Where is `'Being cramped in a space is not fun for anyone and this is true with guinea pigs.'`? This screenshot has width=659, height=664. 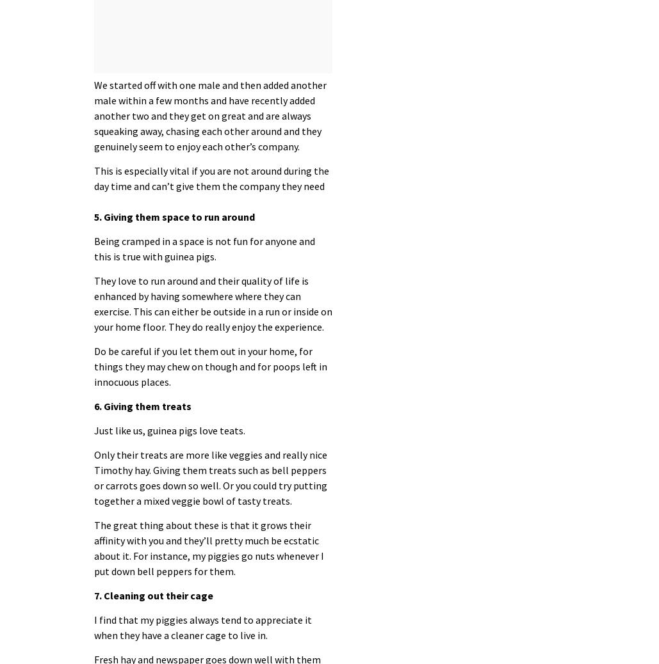 'Being cramped in a space is not fun for anyone and this is true with guinea pigs.' is located at coordinates (93, 248).